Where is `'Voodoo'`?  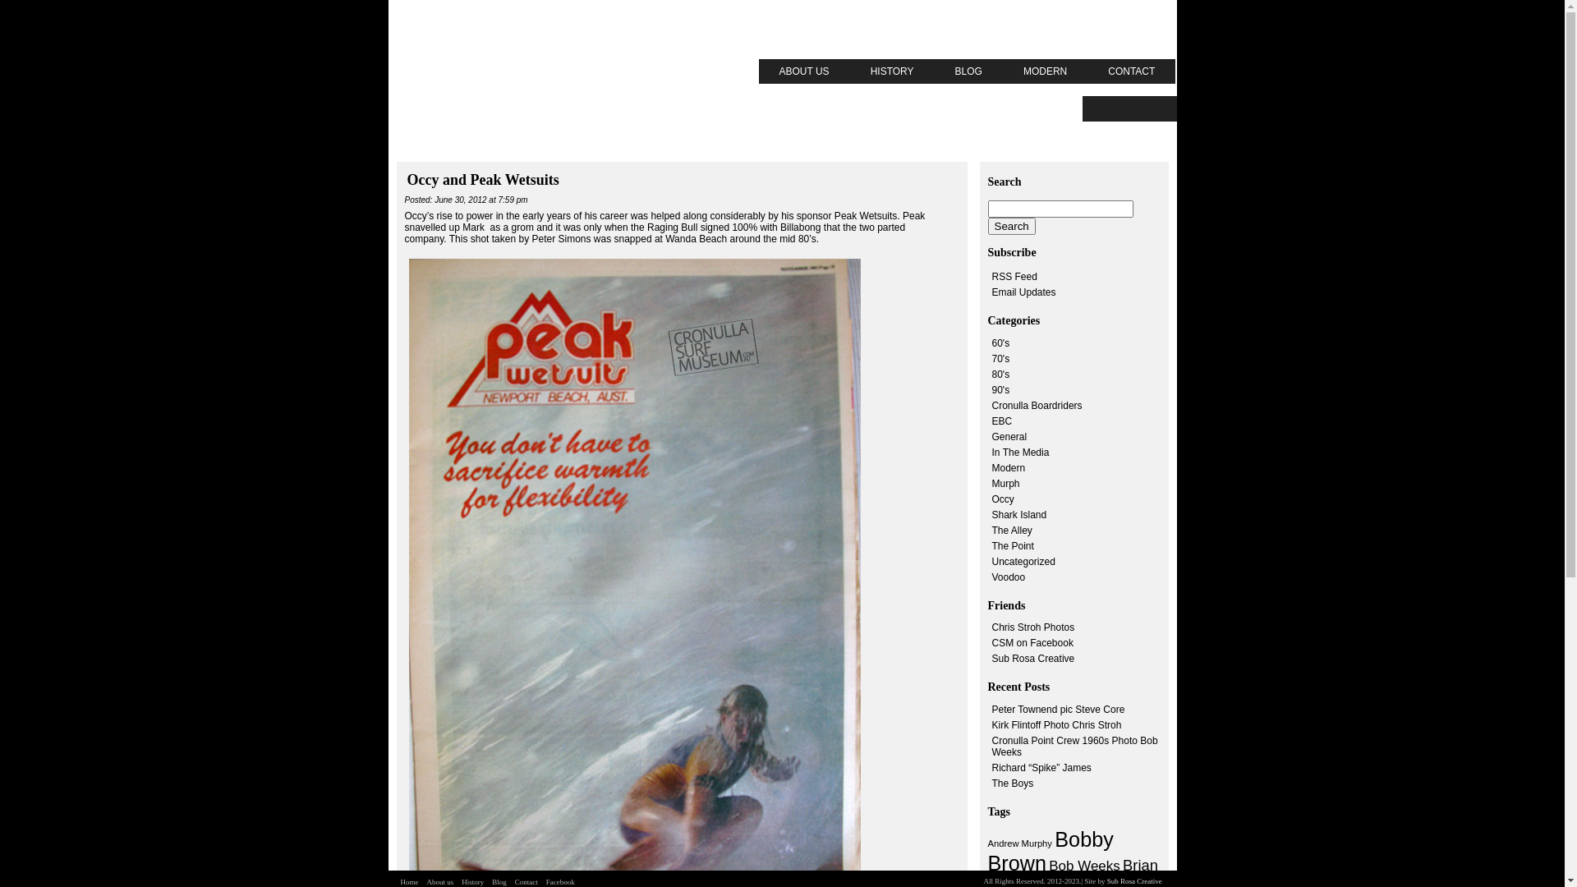 'Voodoo' is located at coordinates (1008, 576).